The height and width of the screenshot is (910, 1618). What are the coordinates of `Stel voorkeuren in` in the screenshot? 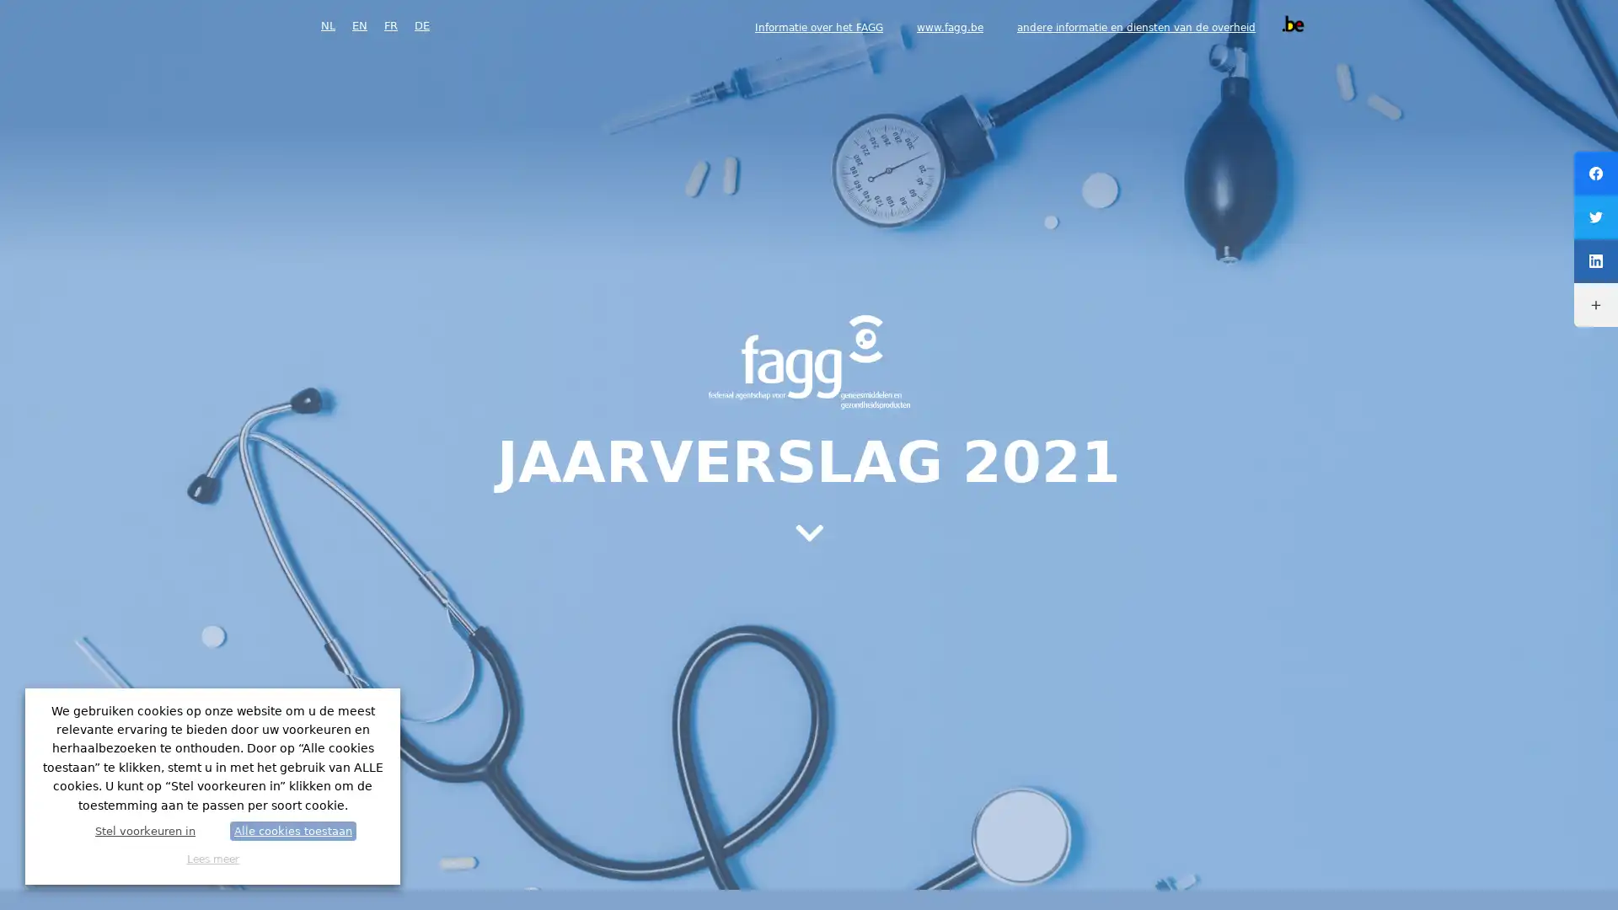 It's located at (145, 830).